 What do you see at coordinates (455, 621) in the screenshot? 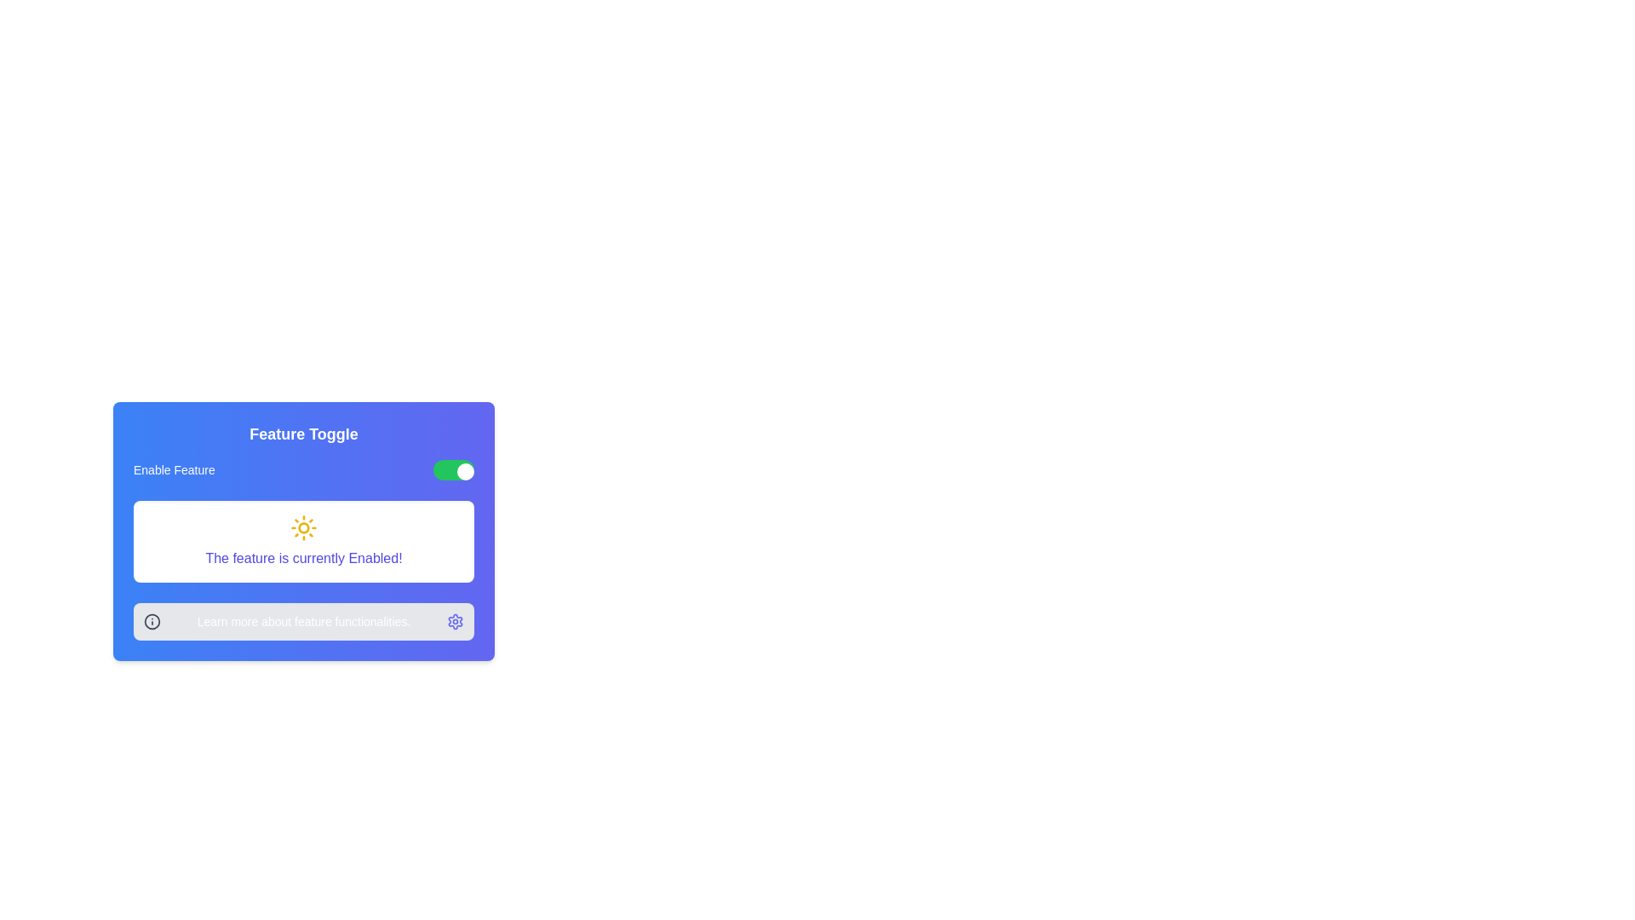
I see `gear-shaped icon located in the bottom-right corner of the Feature Toggle dialog for additional options` at bounding box center [455, 621].